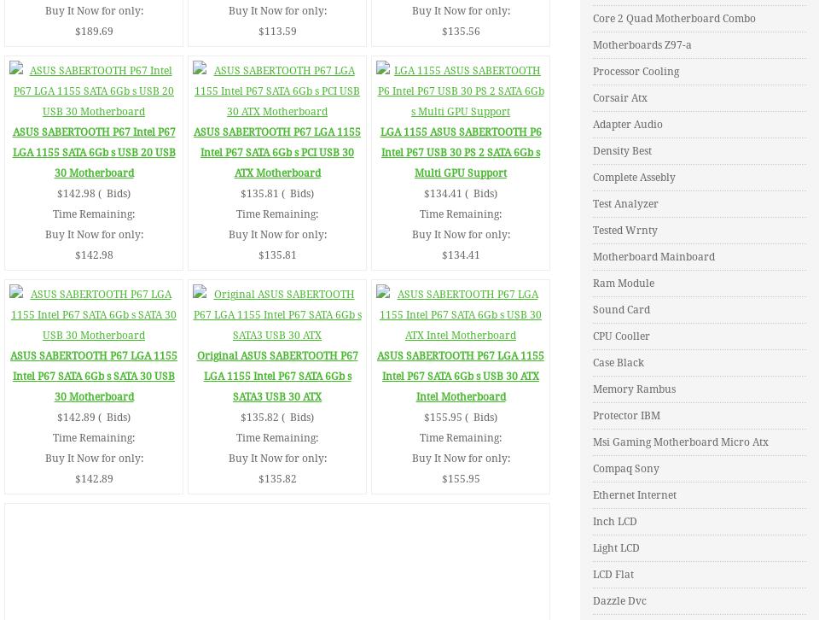 This screenshot has width=819, height=620. I want to click on 'Sound Card', so click(620, 310).